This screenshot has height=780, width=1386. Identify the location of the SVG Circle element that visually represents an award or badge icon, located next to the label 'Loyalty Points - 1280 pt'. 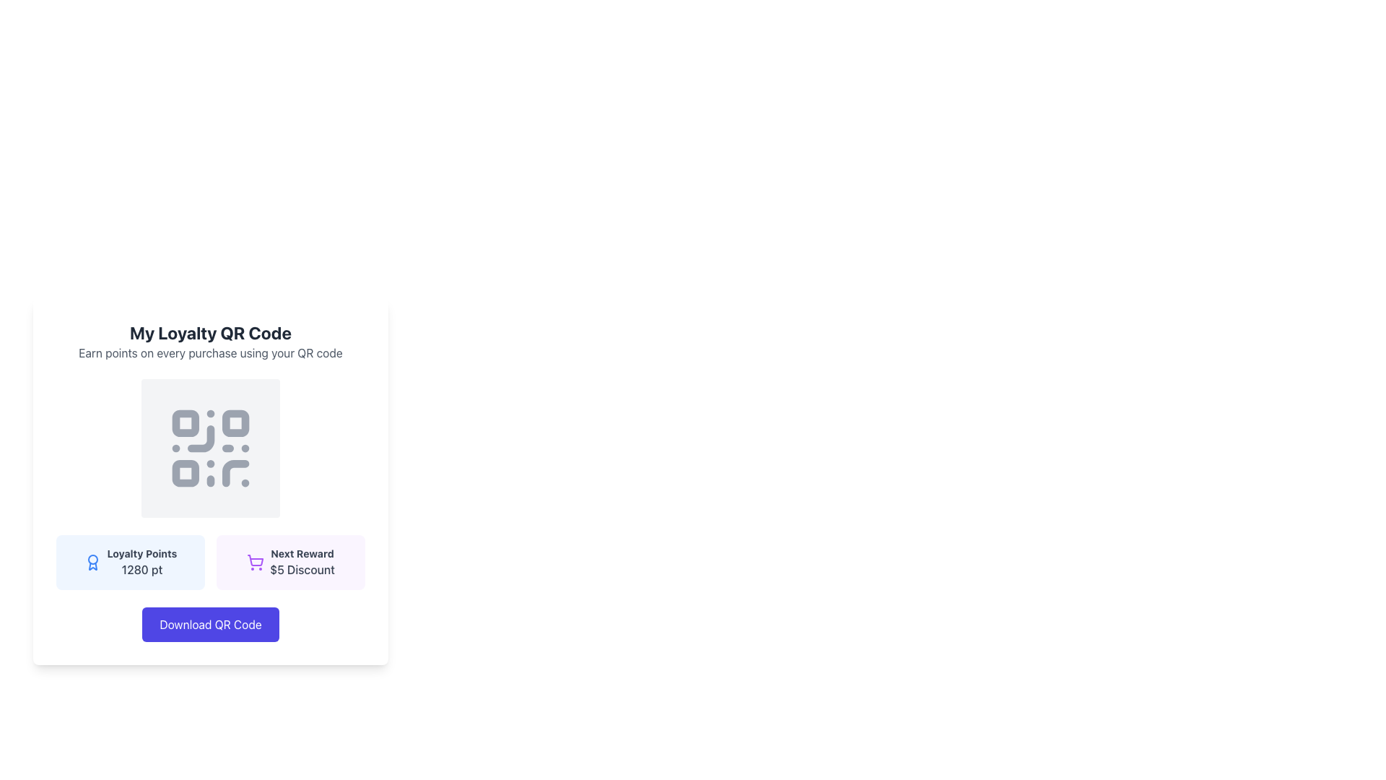
(92, 559).